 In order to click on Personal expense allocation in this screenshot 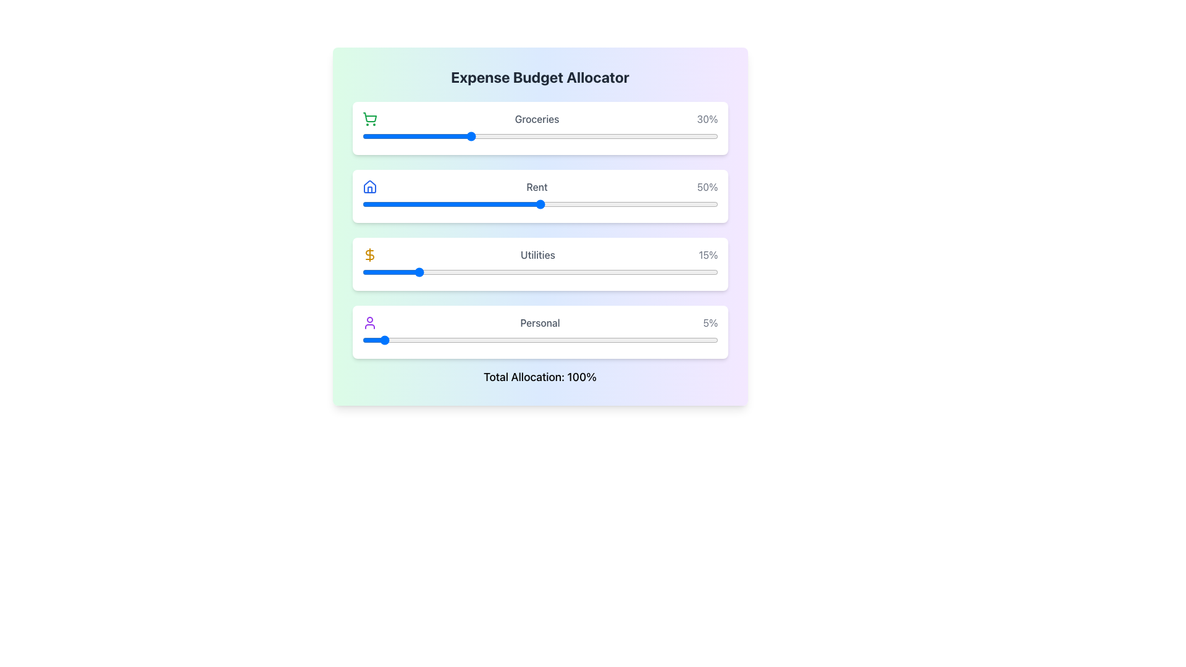, I will do `click(568, 340)`.